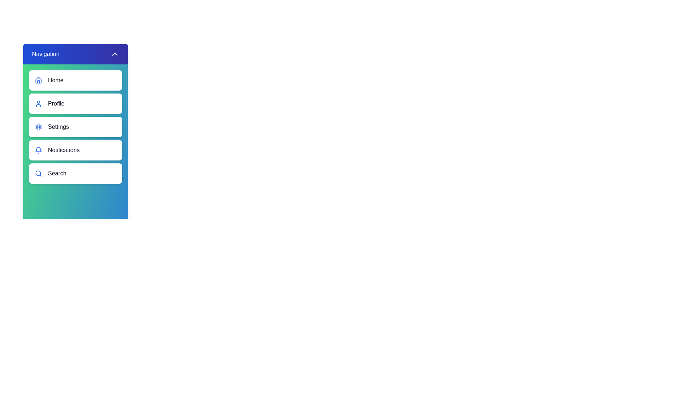  Describe the element at coordinates (45, 54) in the screenshot. I see `the descriptive title Label located in the header section of the navigation menu, positioned at the top-left and centered between the left edge and a chevron icon` at that location.